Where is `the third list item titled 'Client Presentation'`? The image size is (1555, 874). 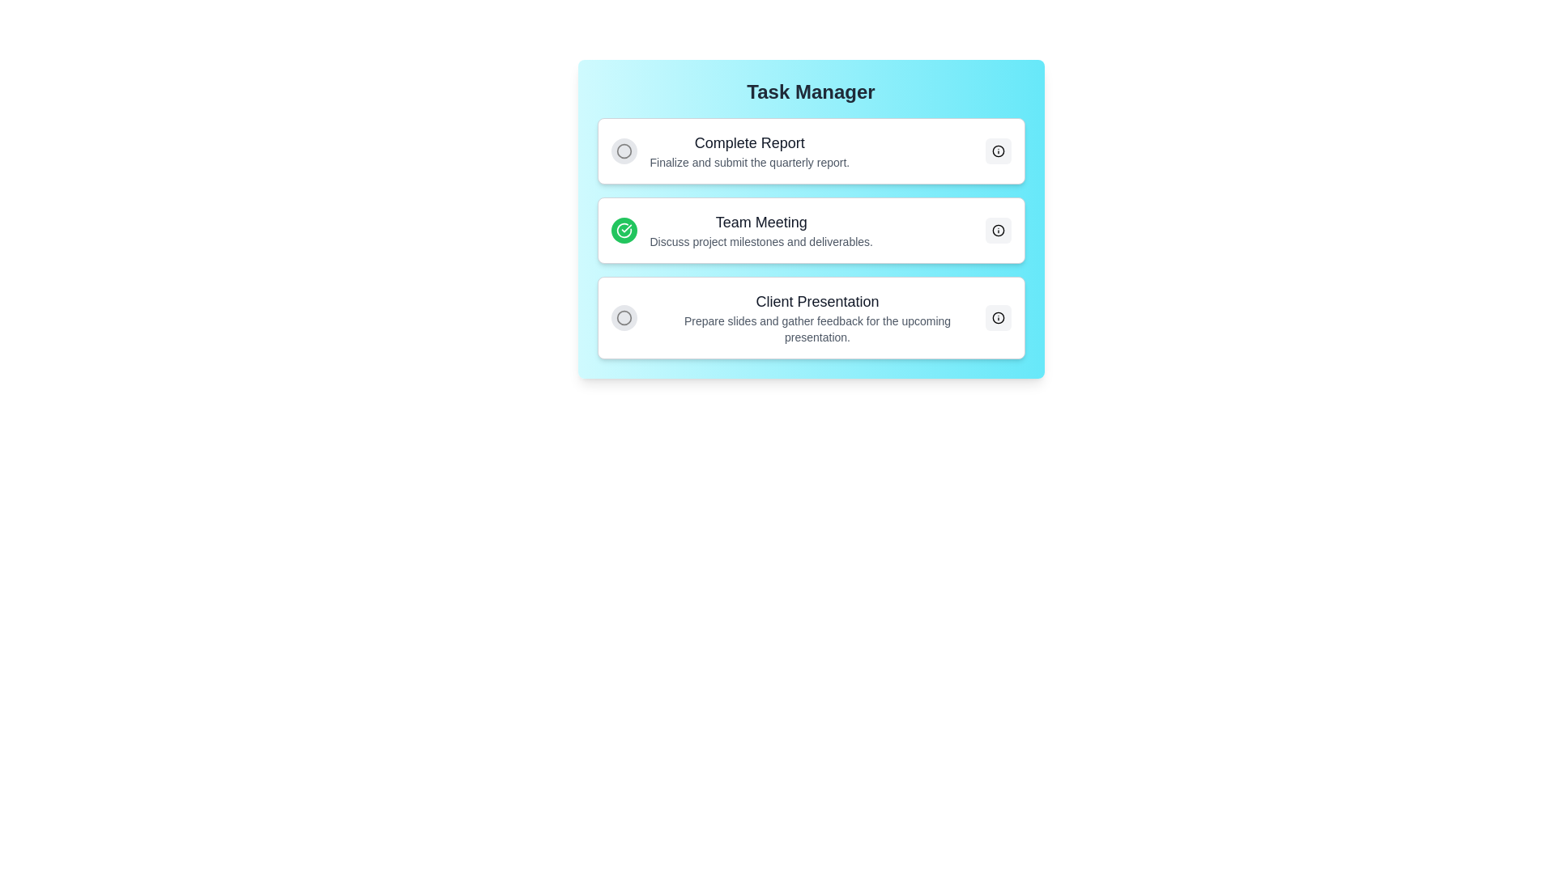 the third list item titled 'Client Presentation' is located at coordinates (798, 318).